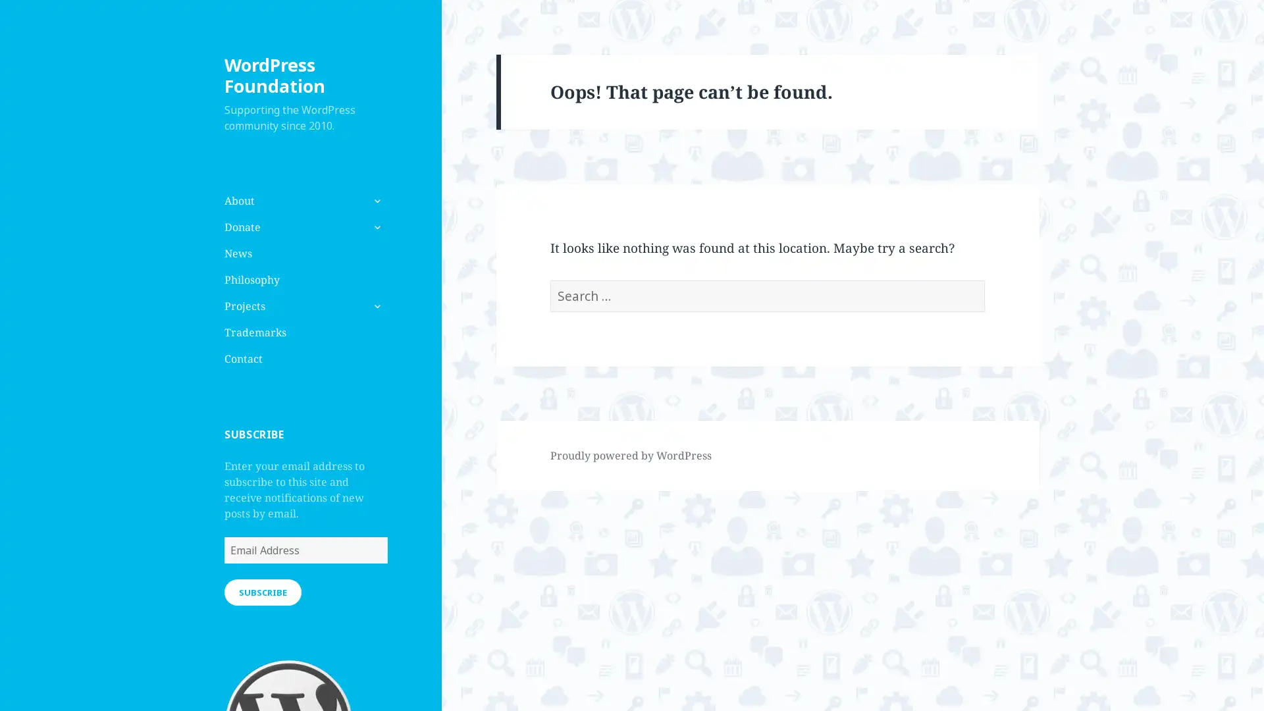 This screenshot has height=711, width=1264. I want to click on Search, so click(984, 279).